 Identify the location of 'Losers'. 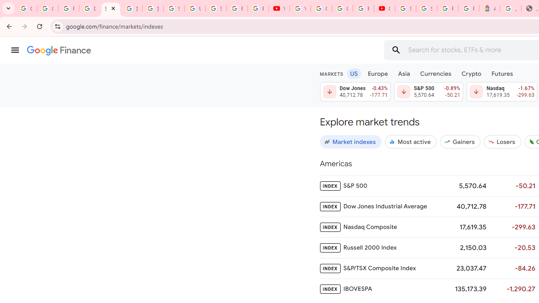
(502, 141).